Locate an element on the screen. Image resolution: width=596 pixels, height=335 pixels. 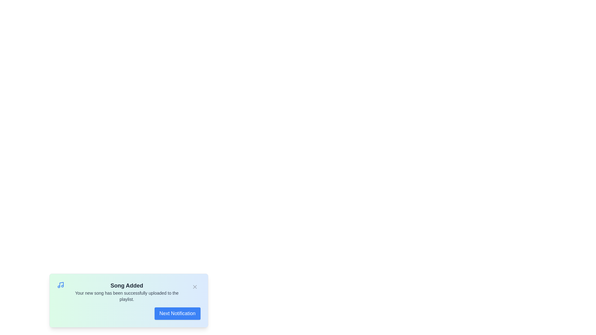
the notification icon to interact with it is located at coordinates (61, 285).